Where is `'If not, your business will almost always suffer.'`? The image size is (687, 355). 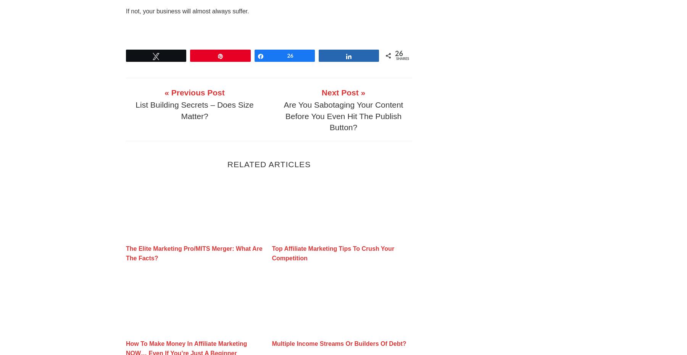 'If not, your business will almost always suffer.' is located at coordinates (187, 10).